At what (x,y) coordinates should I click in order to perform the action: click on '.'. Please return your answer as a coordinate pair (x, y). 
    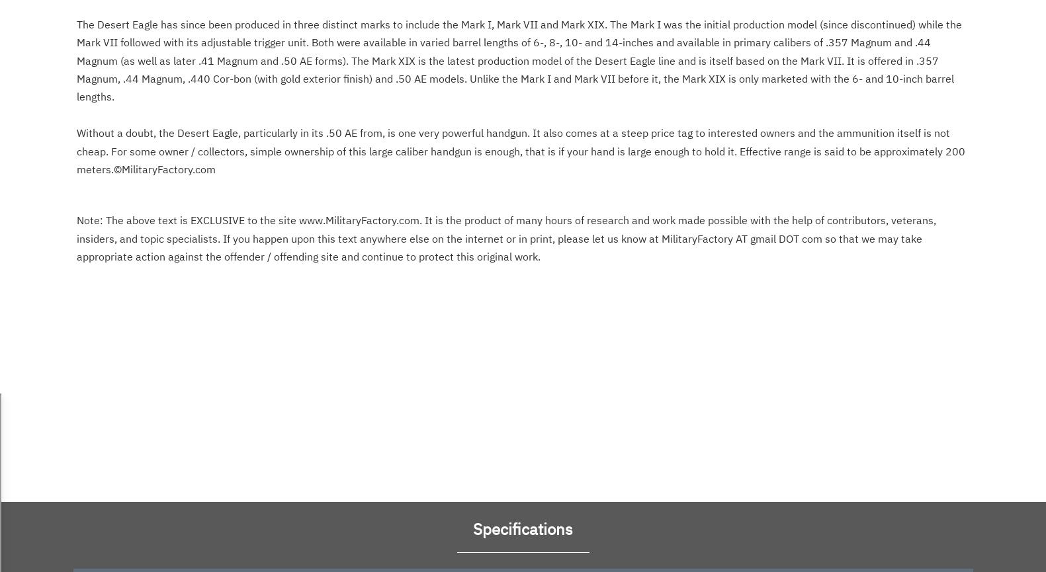
    Looking at the image, I should click on (816, 119).